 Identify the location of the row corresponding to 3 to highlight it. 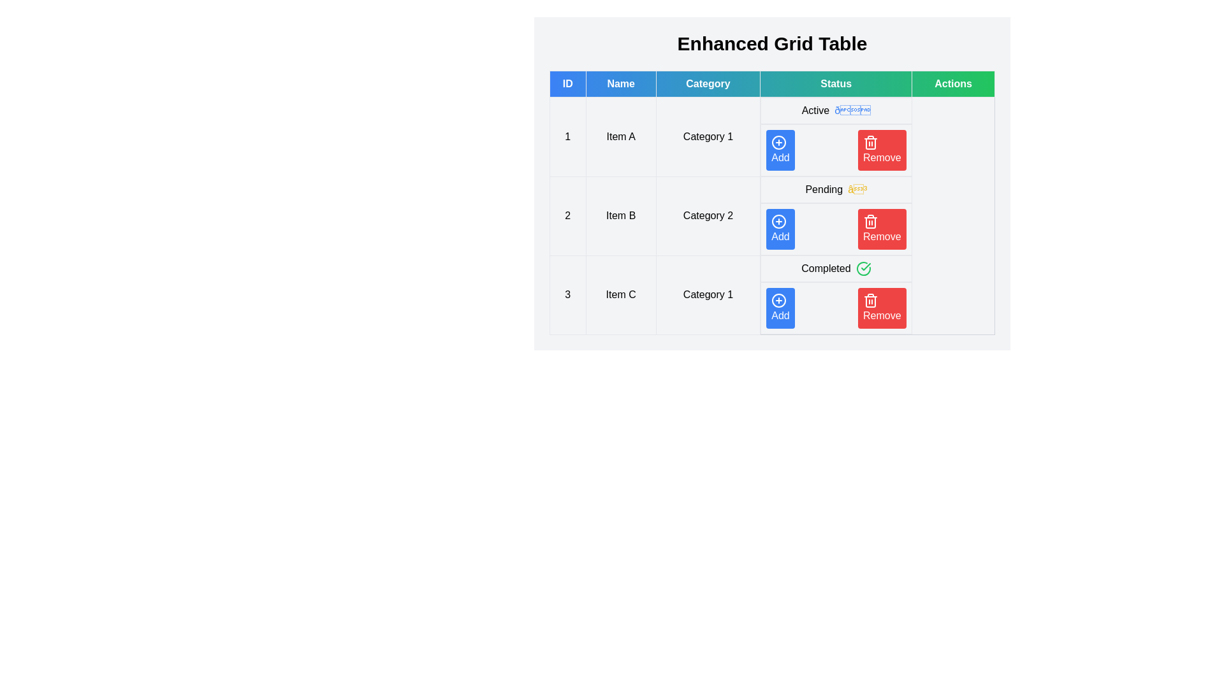
(771, 295).